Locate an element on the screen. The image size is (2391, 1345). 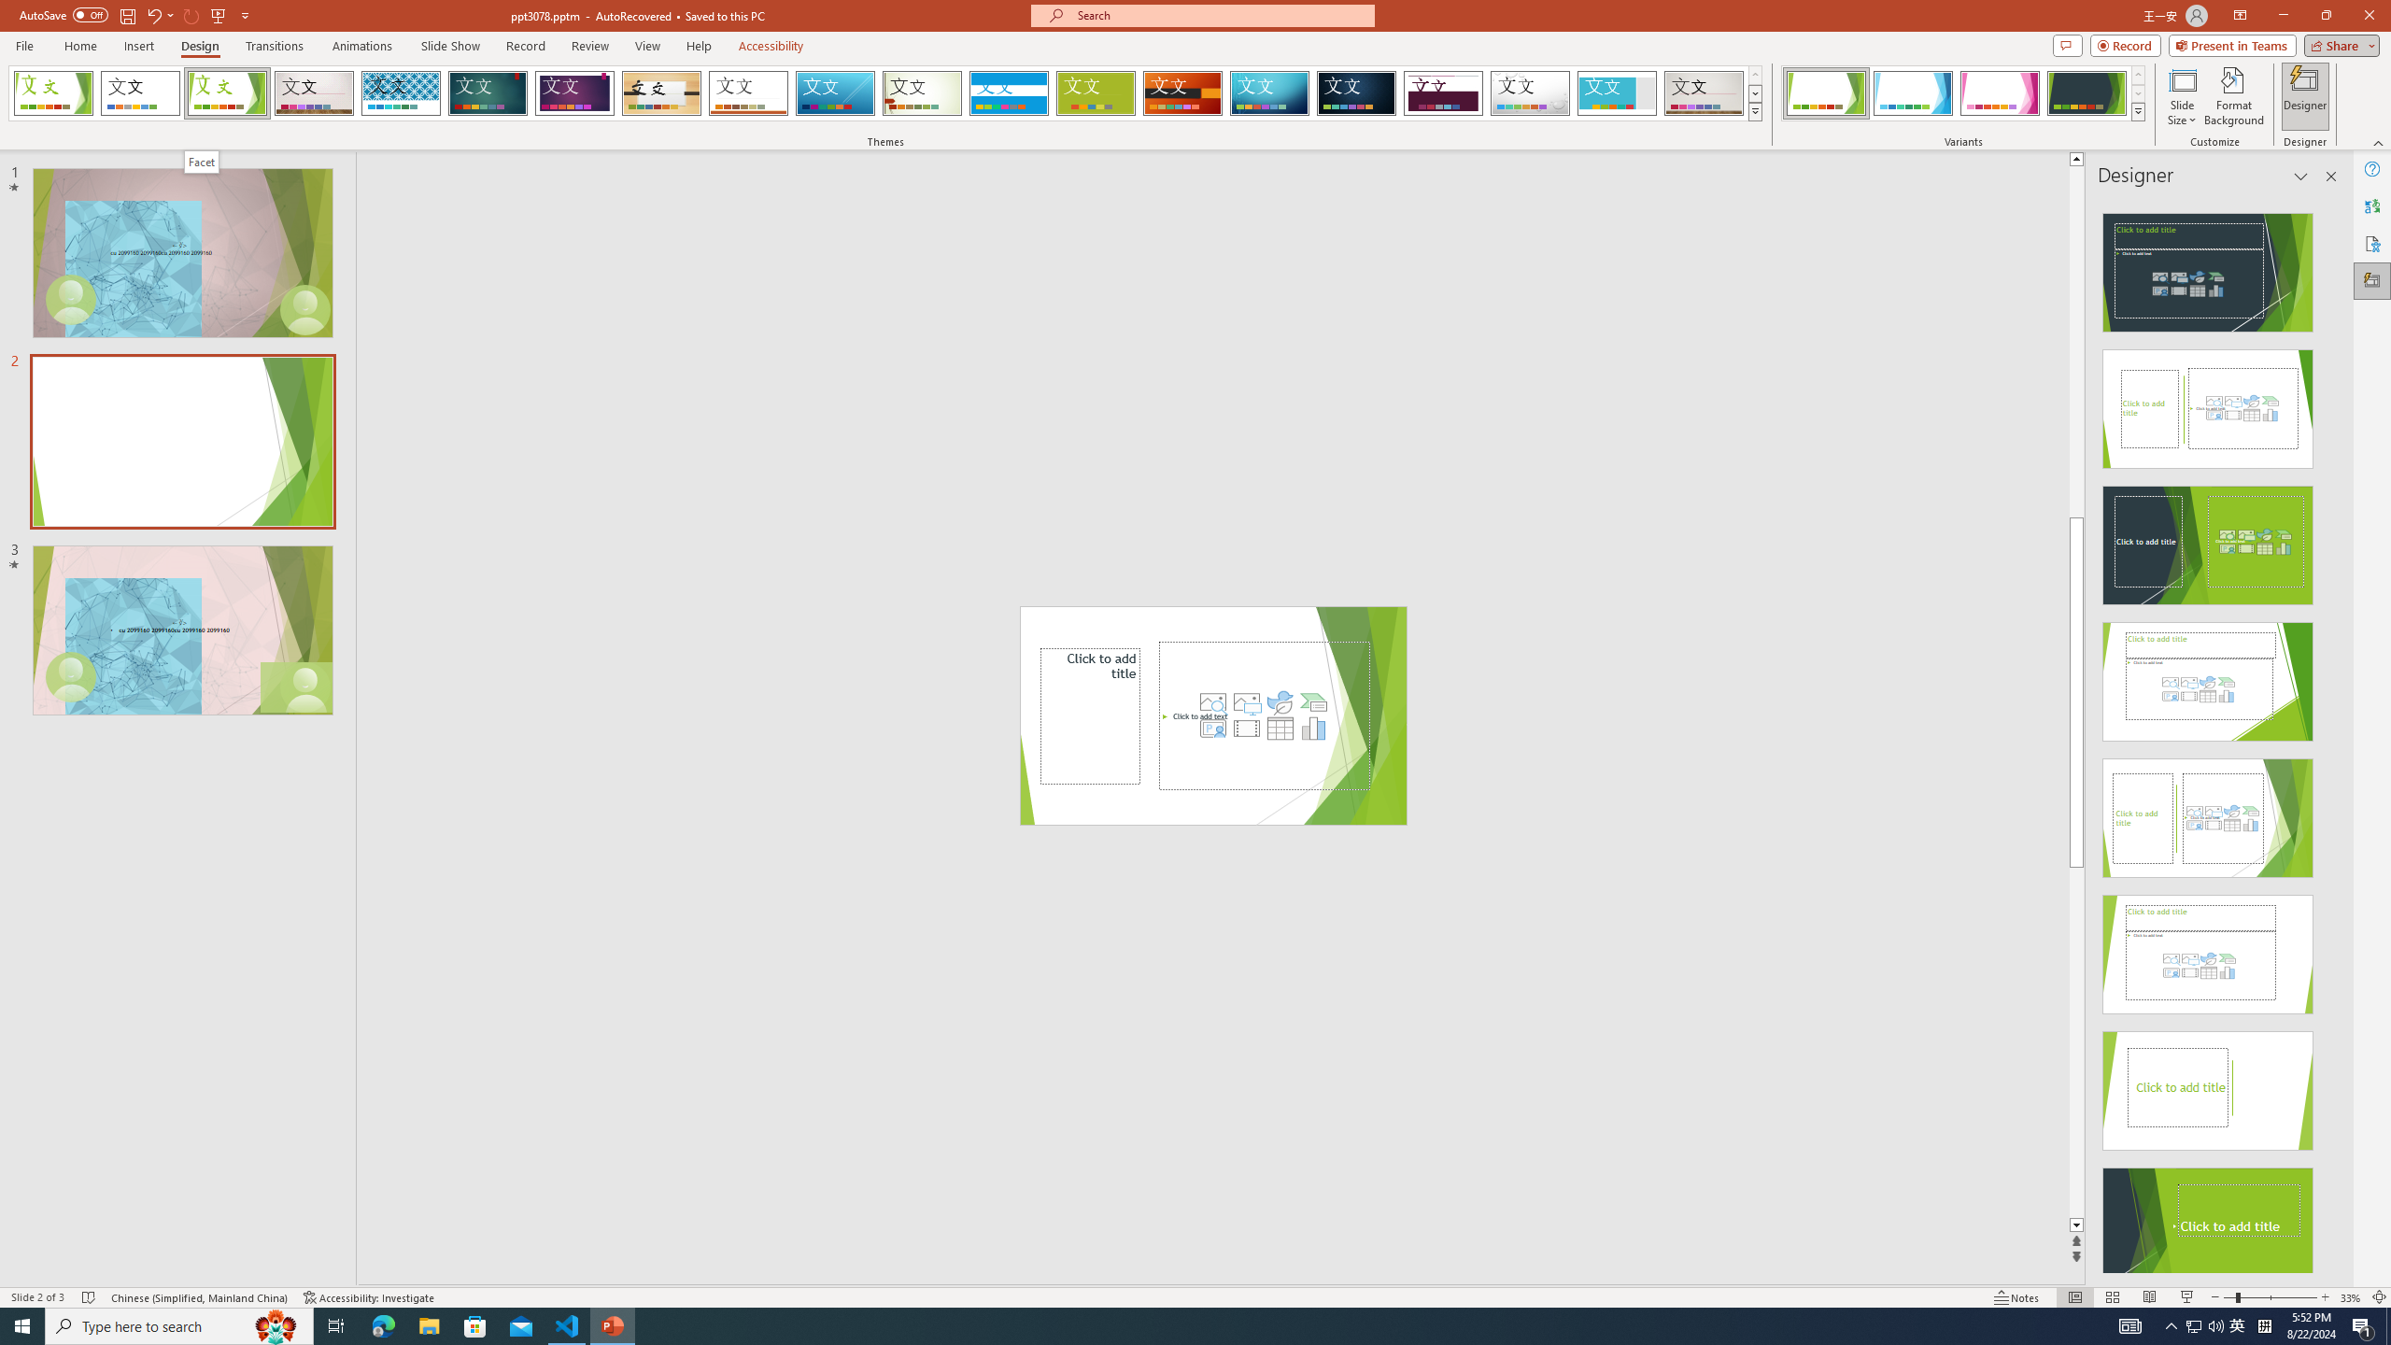
'Facet' is located at coordinates (202, 161).